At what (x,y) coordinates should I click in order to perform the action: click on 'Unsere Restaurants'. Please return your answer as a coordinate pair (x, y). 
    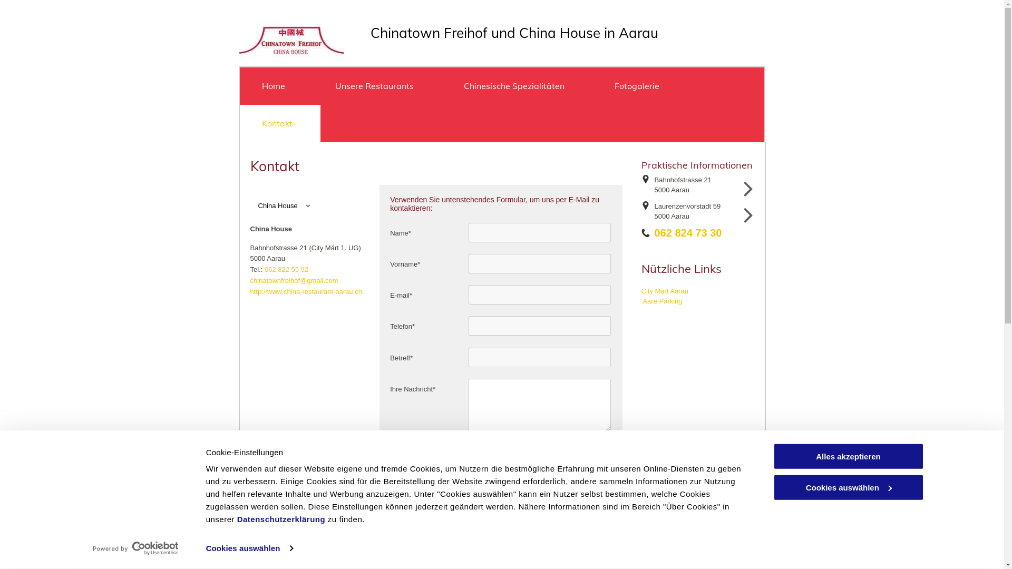
    Looking at the image, I should click on (377, 85).